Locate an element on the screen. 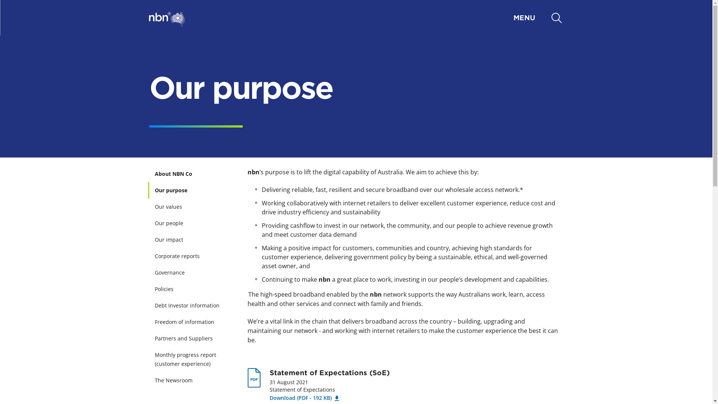 The image size is (718, 404). 'Debt Investor information' is located at coordinates (191, 306).